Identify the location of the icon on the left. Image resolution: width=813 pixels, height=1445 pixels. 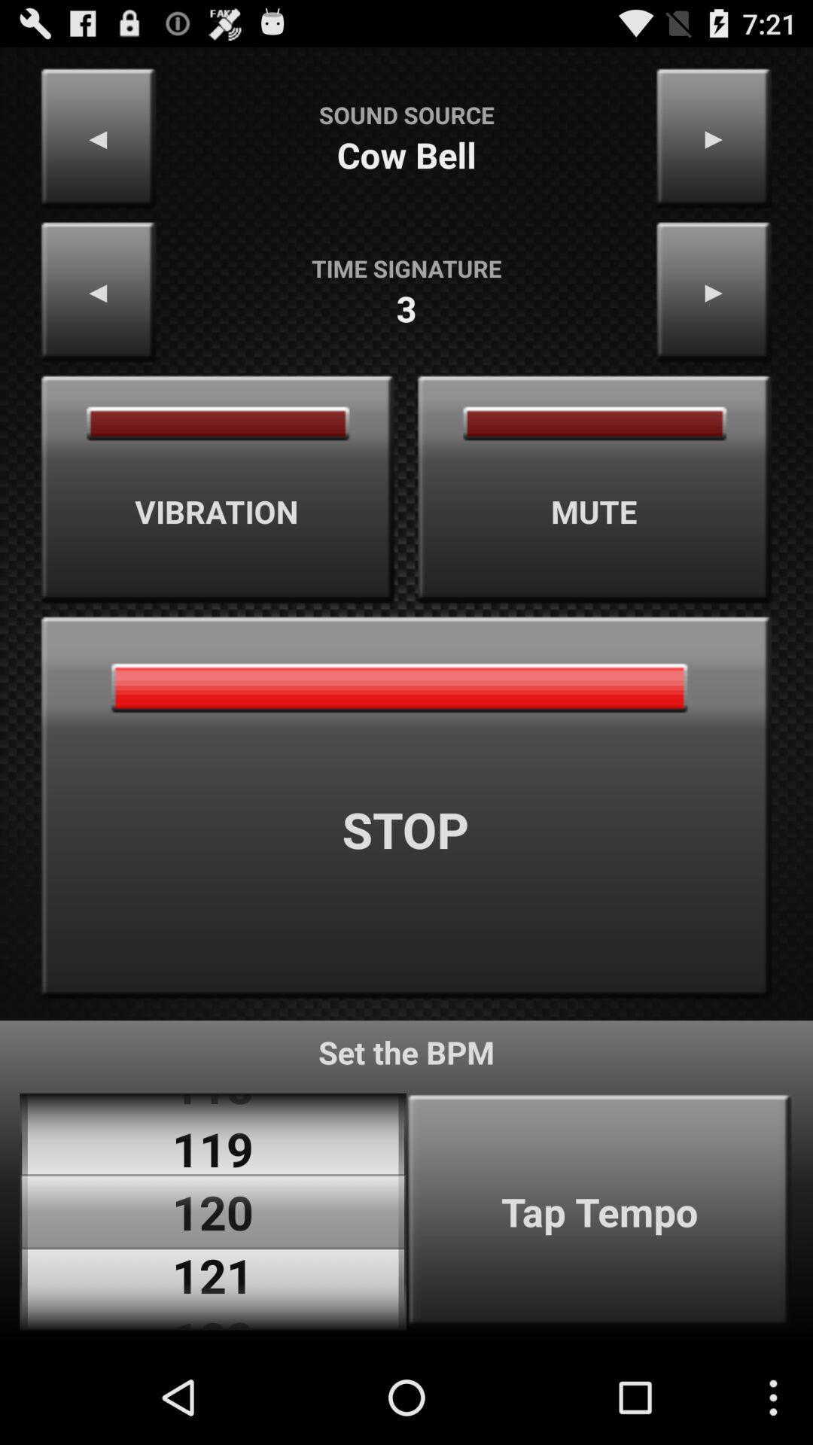
(218, 489).